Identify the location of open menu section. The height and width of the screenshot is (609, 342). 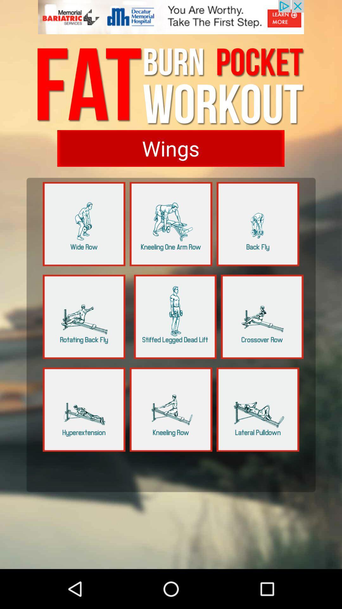
(171, 224).